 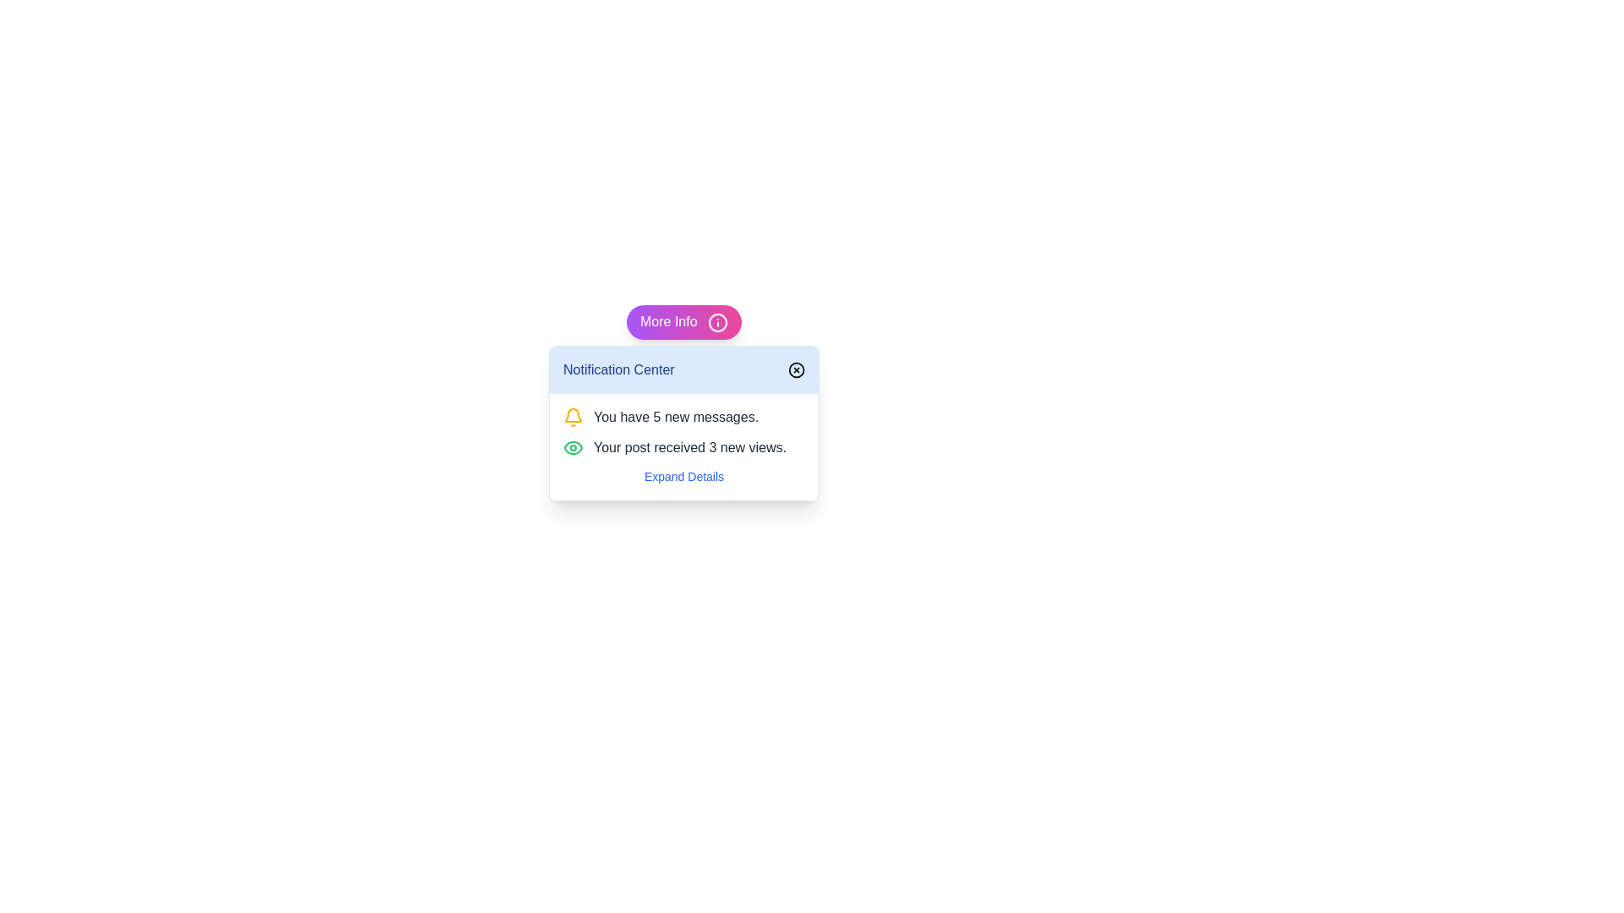 I want to click on the static text element that displays 'Your post received 3 new views.' with a green eye icon, which is the second notification item in the notification card, so click(x=684, y=446).